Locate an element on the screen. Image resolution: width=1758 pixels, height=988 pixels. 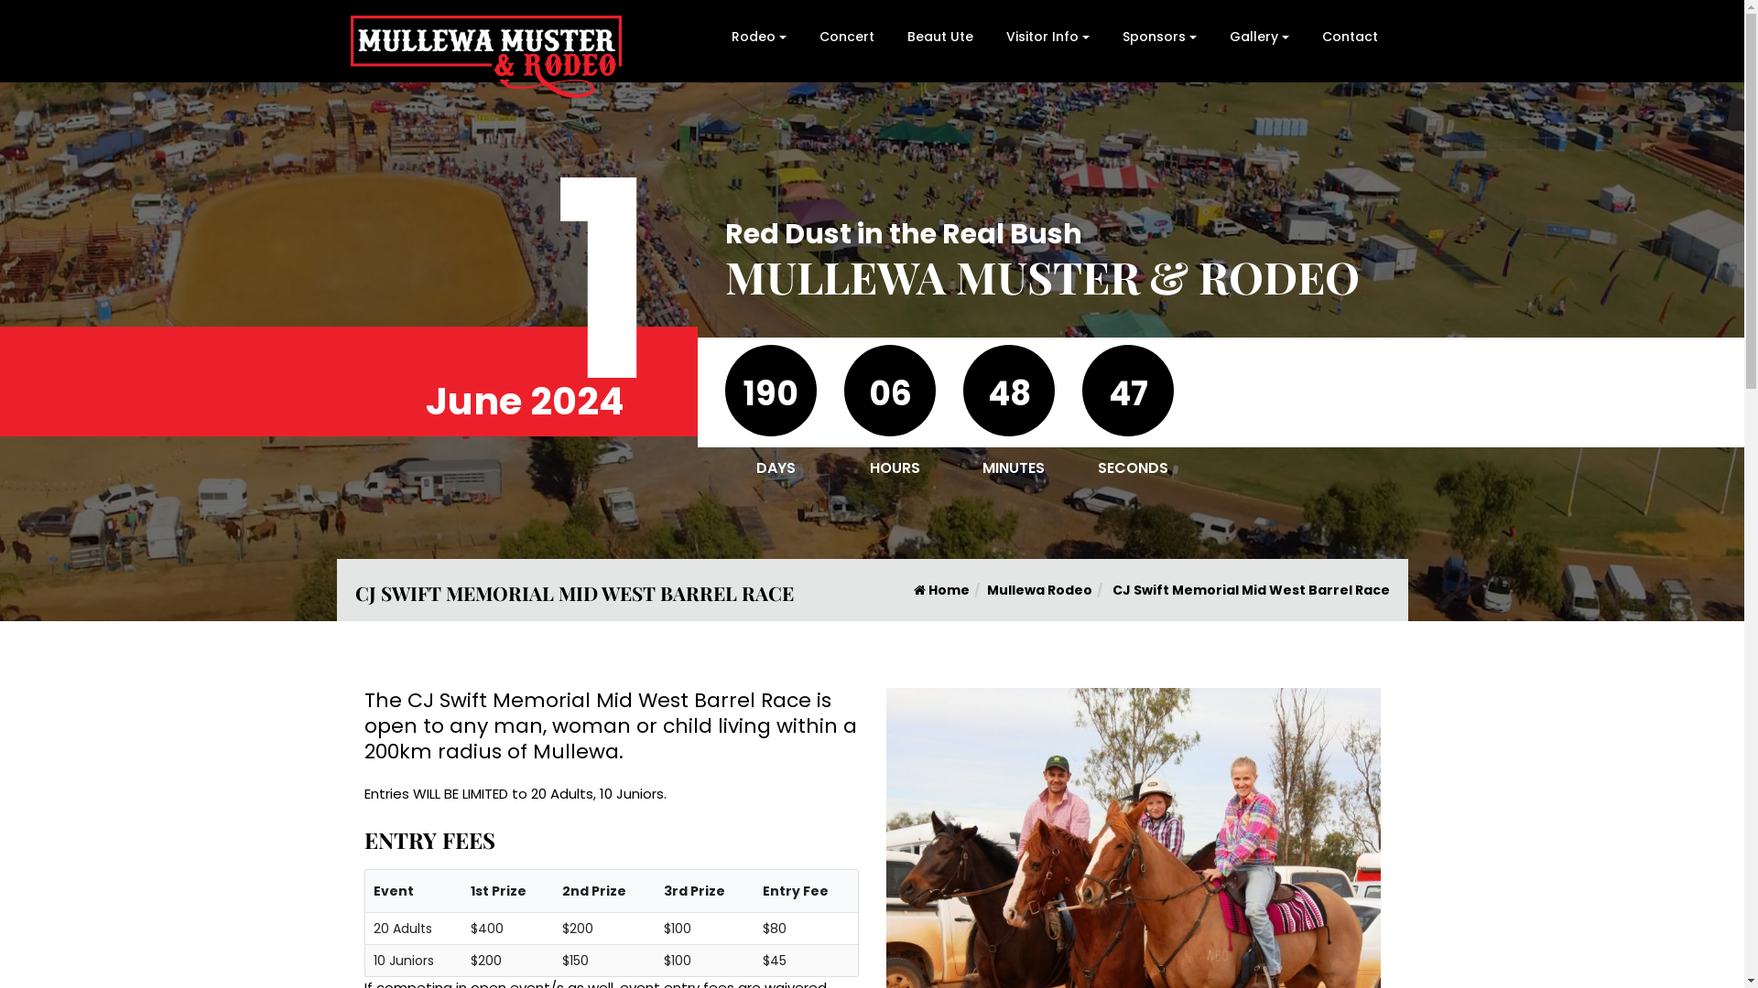
'Home' is located at coordinates (941, 589).